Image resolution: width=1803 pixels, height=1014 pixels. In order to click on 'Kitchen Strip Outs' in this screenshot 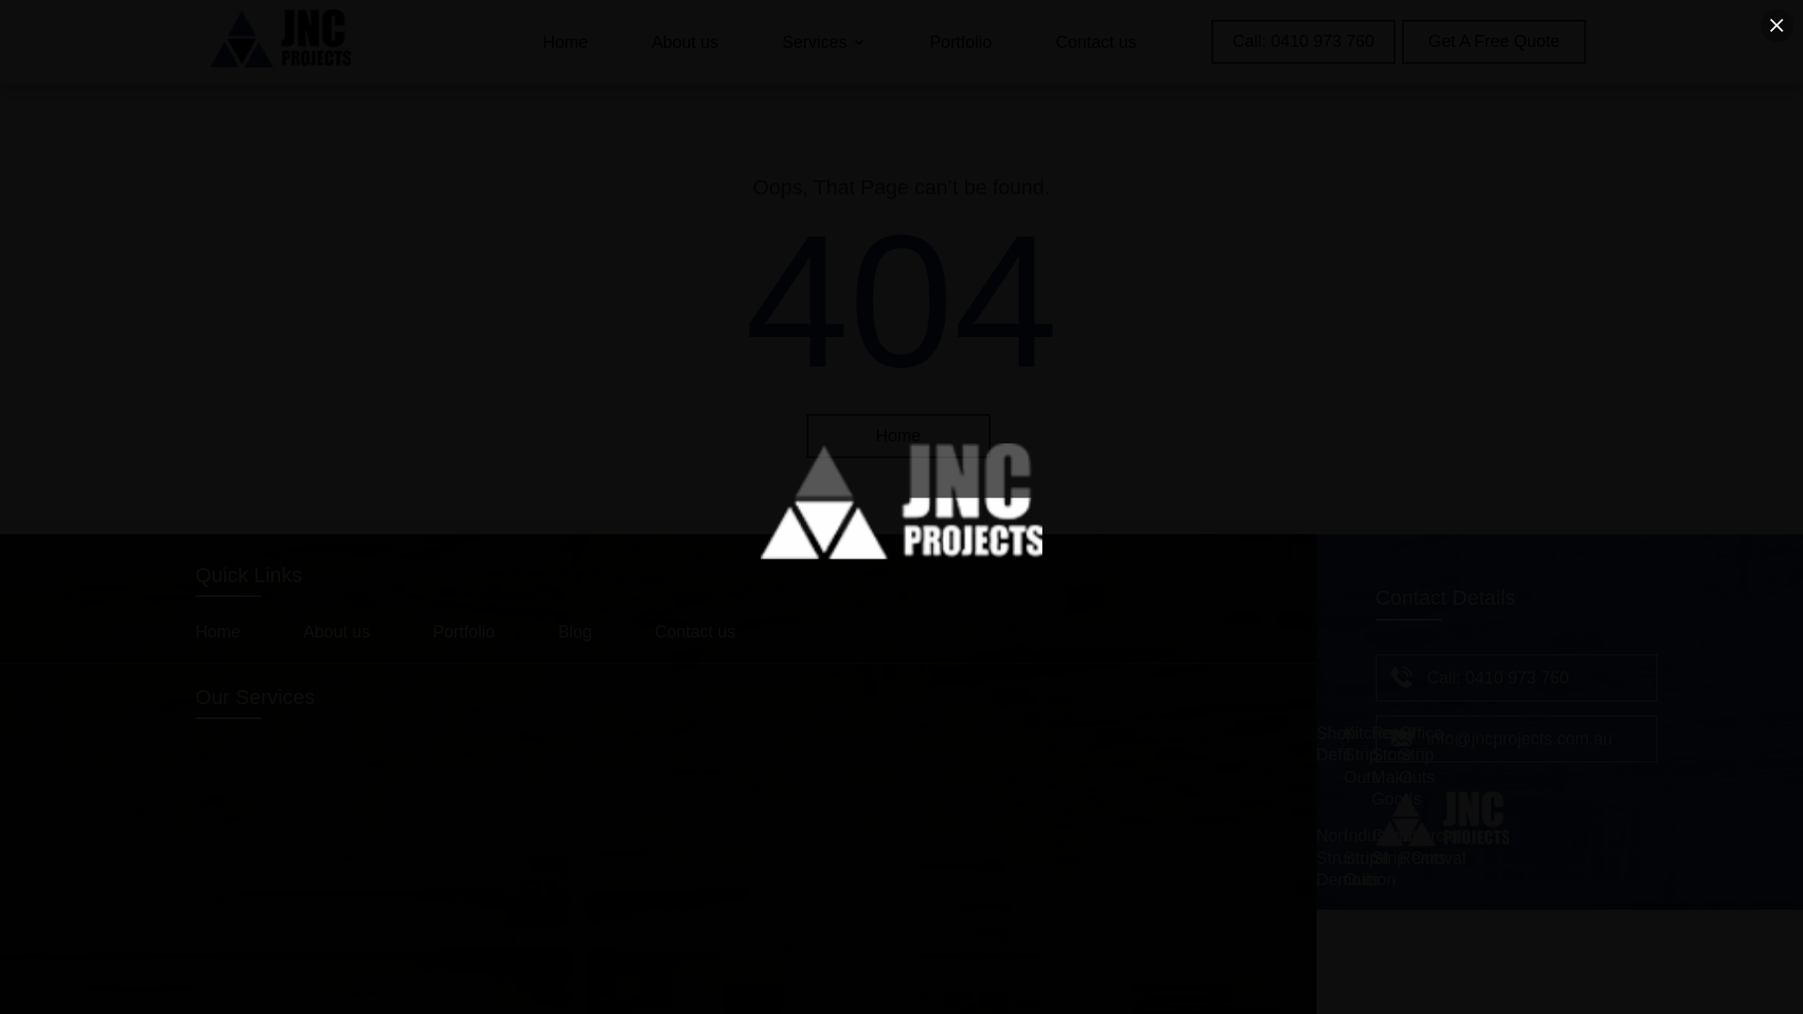, I will do `click(1342, 771)`.